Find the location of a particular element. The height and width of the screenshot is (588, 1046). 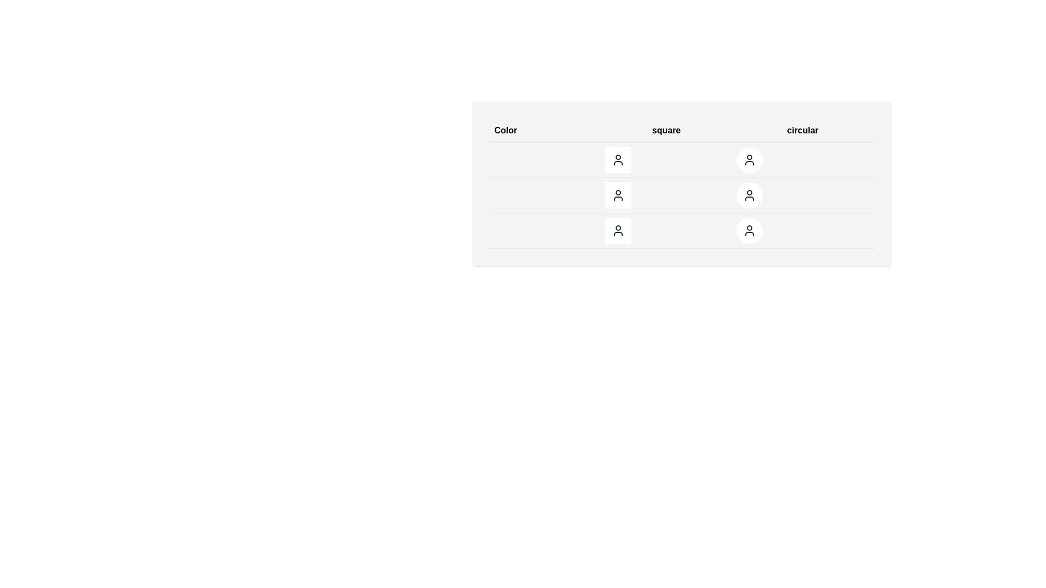

the circular icon button containing a user silhouette, located in the top row of the table under the 'circular' column header is located at coordinates (749, 160).